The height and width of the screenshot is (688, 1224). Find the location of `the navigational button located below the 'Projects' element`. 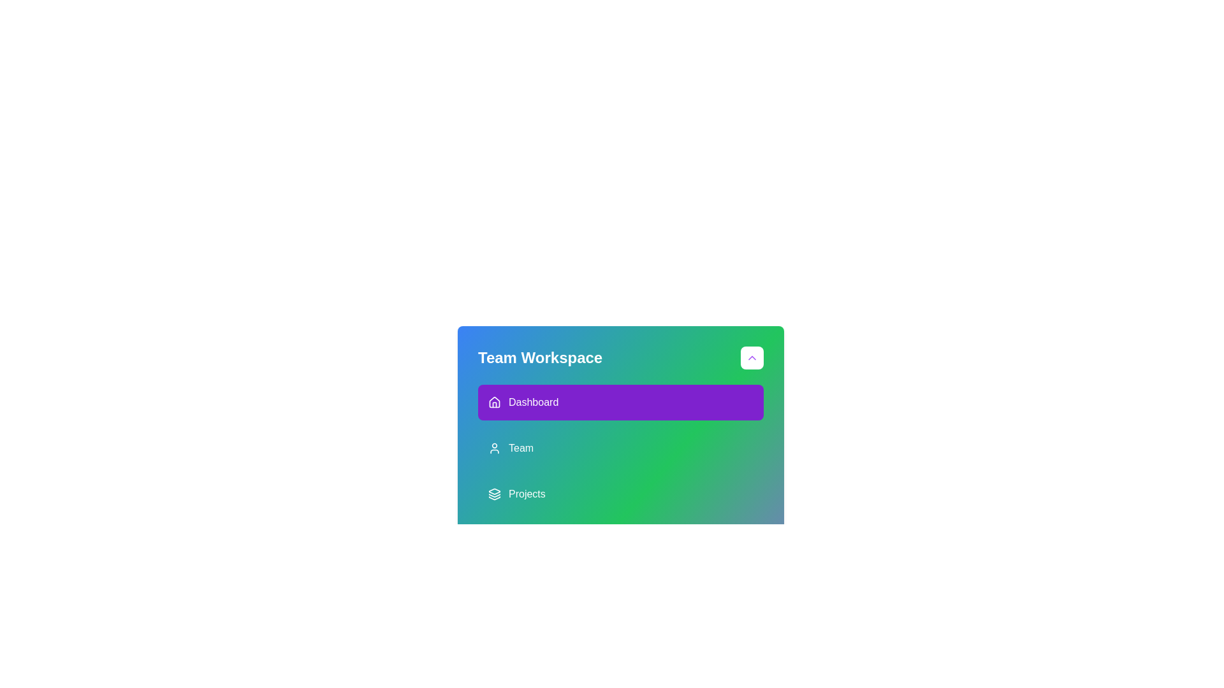

the navigational button located below the 'Projects' element is located at coordinates (621, 540).